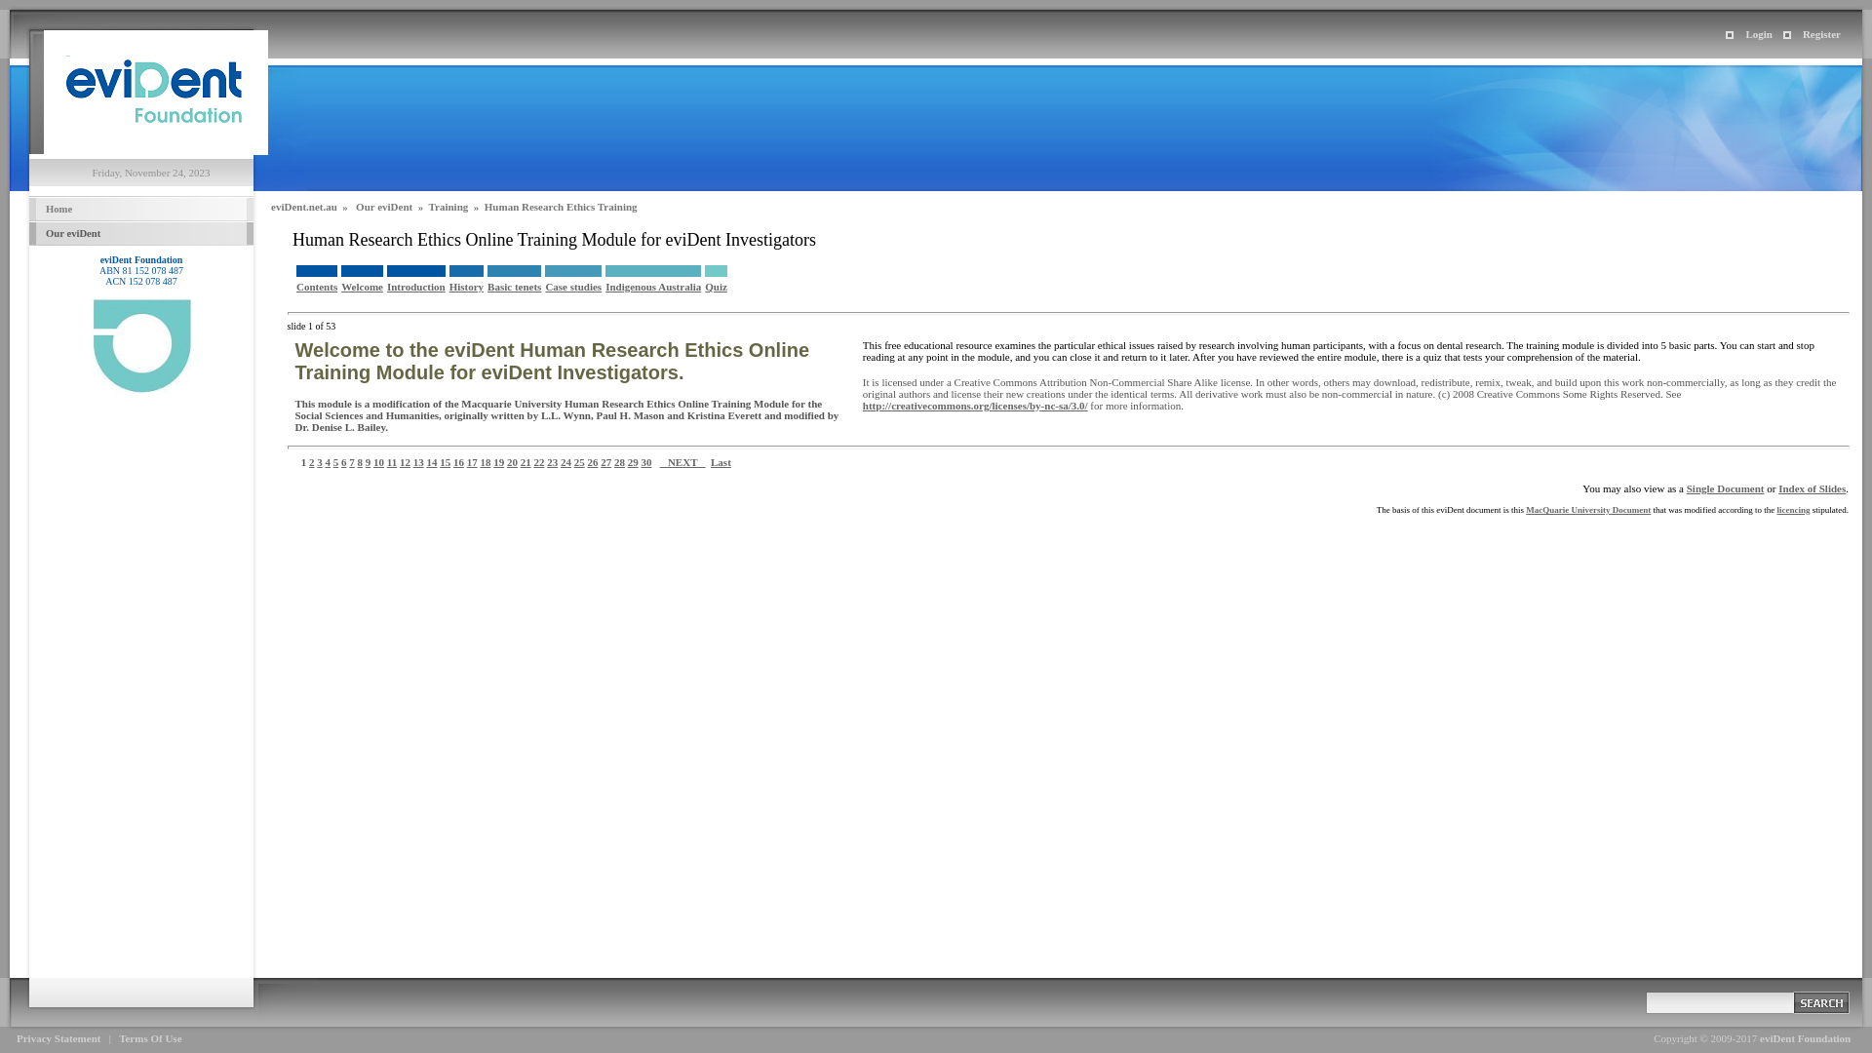 The height and width of the screenshot is (1053, 1872). What do you see at coordinates (1811, 487) in the screenshot?
I see `'Index of Slides'` at bounding box center [1811, 487].